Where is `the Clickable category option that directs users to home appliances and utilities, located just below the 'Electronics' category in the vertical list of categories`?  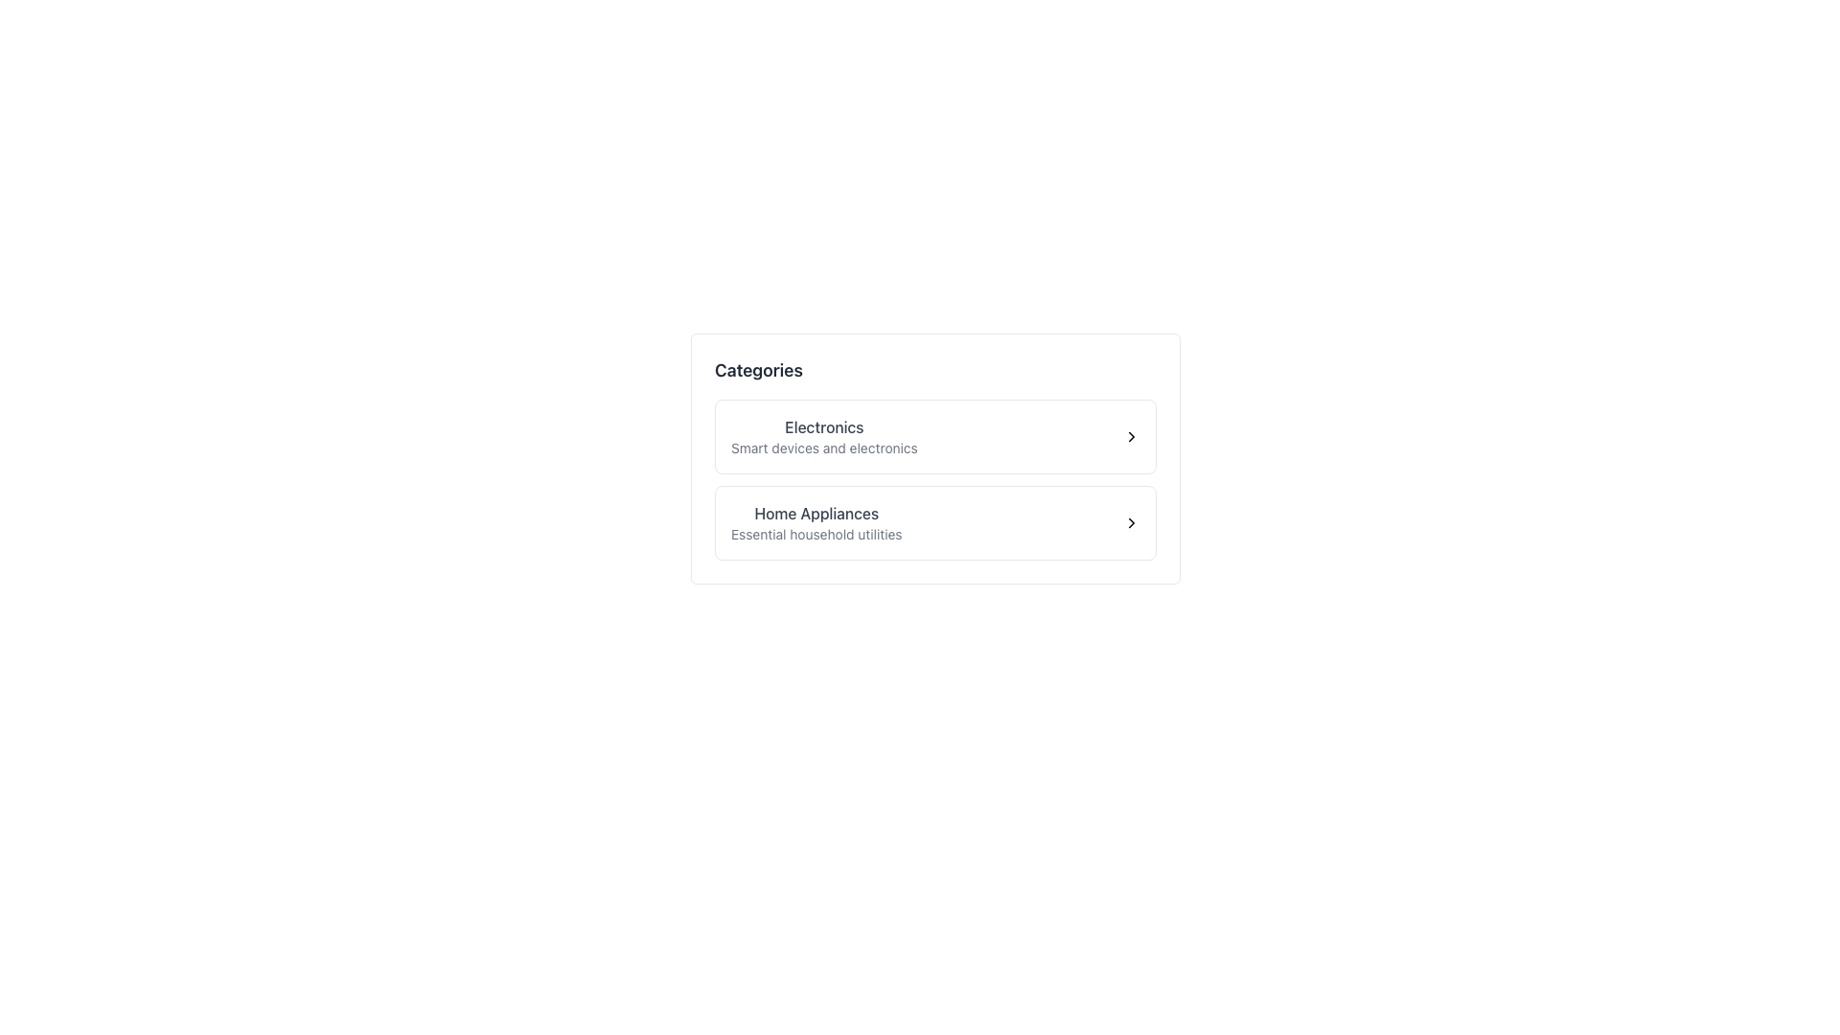
the Clickable category option that directs users to home appliances and utilities, located just below the 'Electronics' category in the vertical list of categories is located at coordinates (935, 523).